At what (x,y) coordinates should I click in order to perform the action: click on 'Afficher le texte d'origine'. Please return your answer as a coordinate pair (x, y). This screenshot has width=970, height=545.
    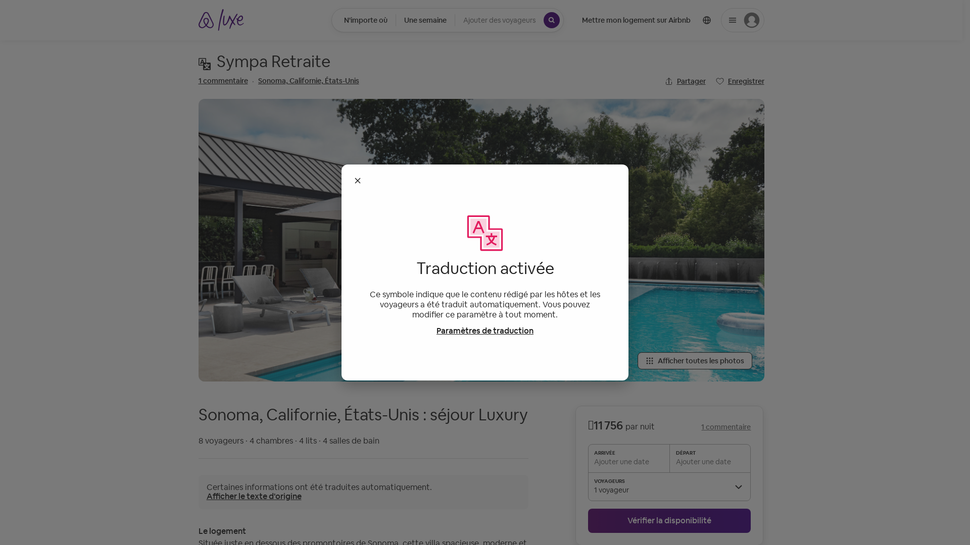
    Looking at the image, I should click on (254, 496).